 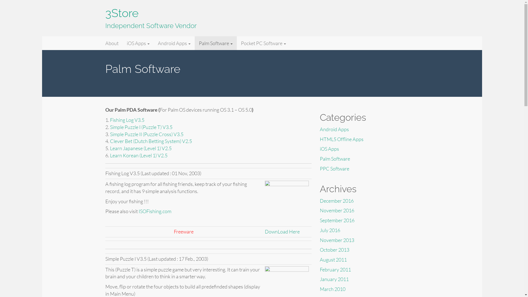 I want to click on 'iOS Apps', so click(x=138, y=43).